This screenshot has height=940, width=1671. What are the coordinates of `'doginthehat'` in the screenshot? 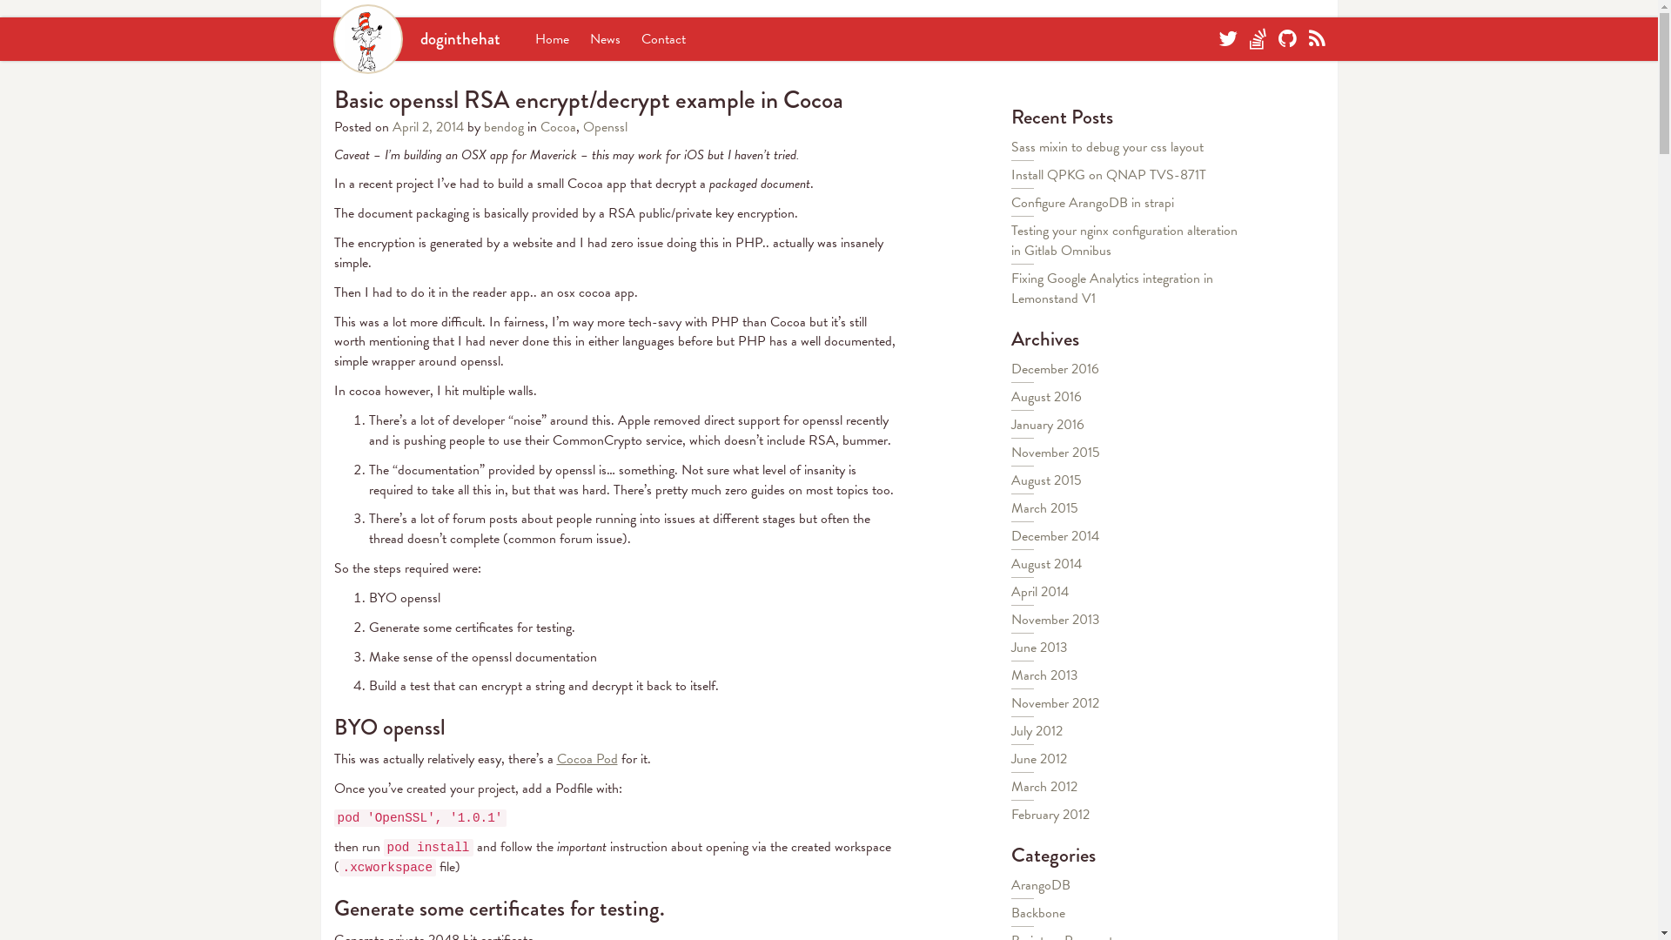 It's located at (415, 38).